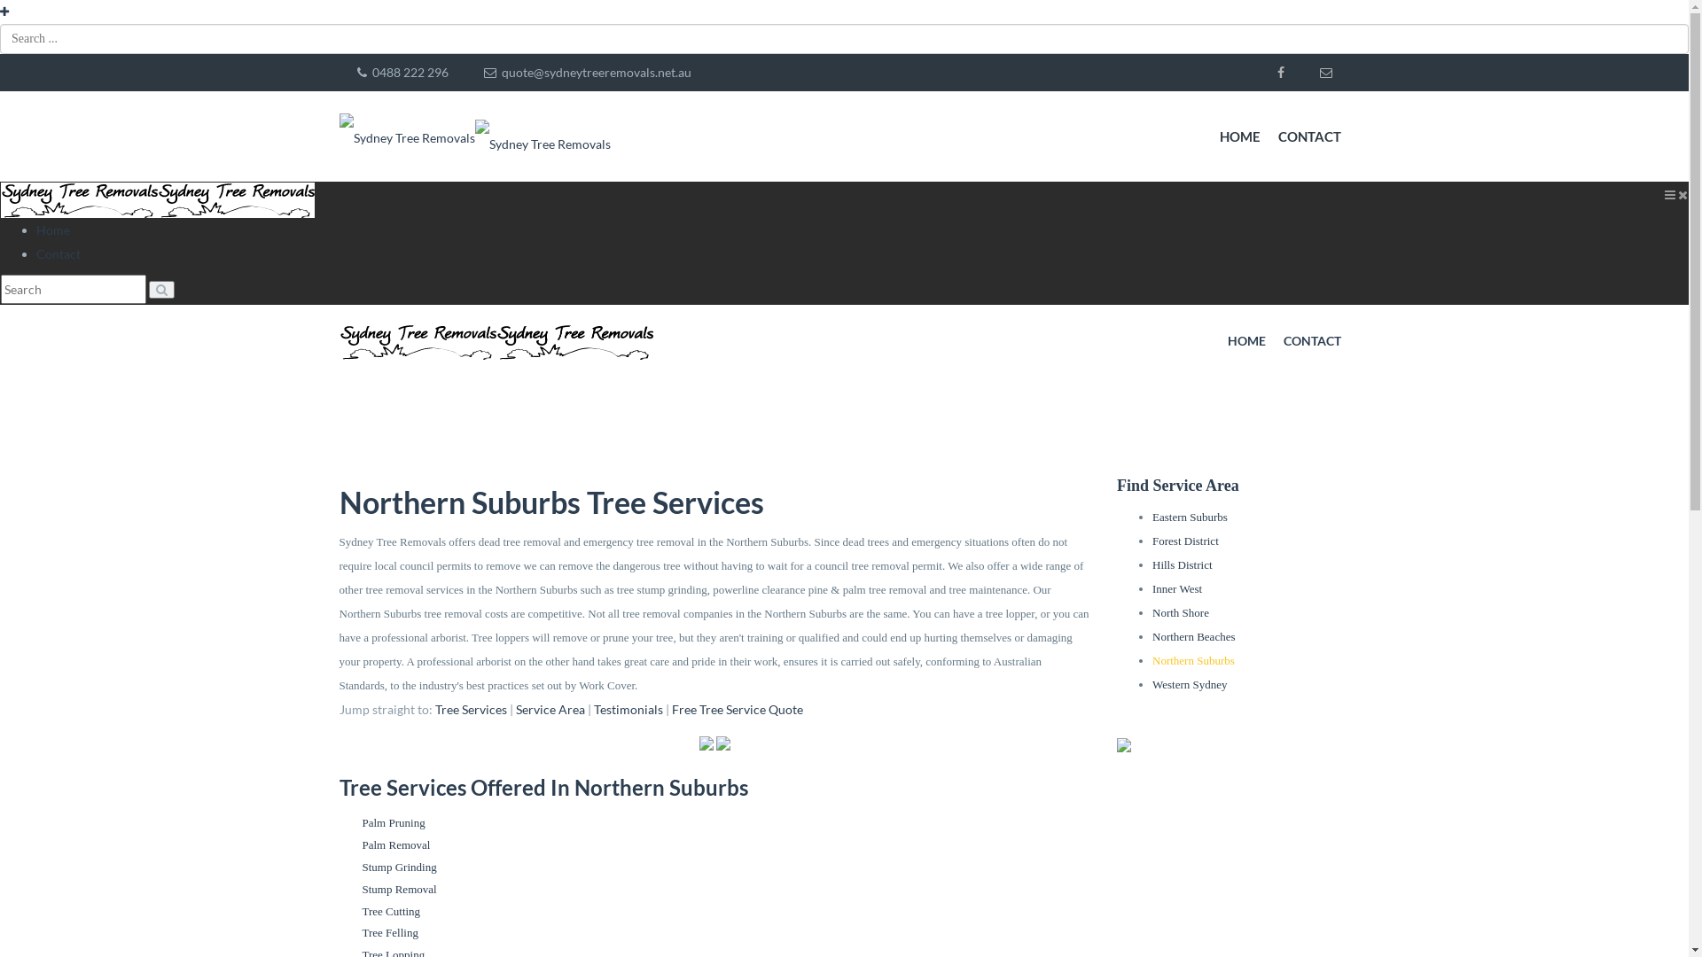 The image size is (1702, 957). Describe the element at coordinates (1193, 660) in the screenshot. I see `'Northern Suburbs'` at that location.